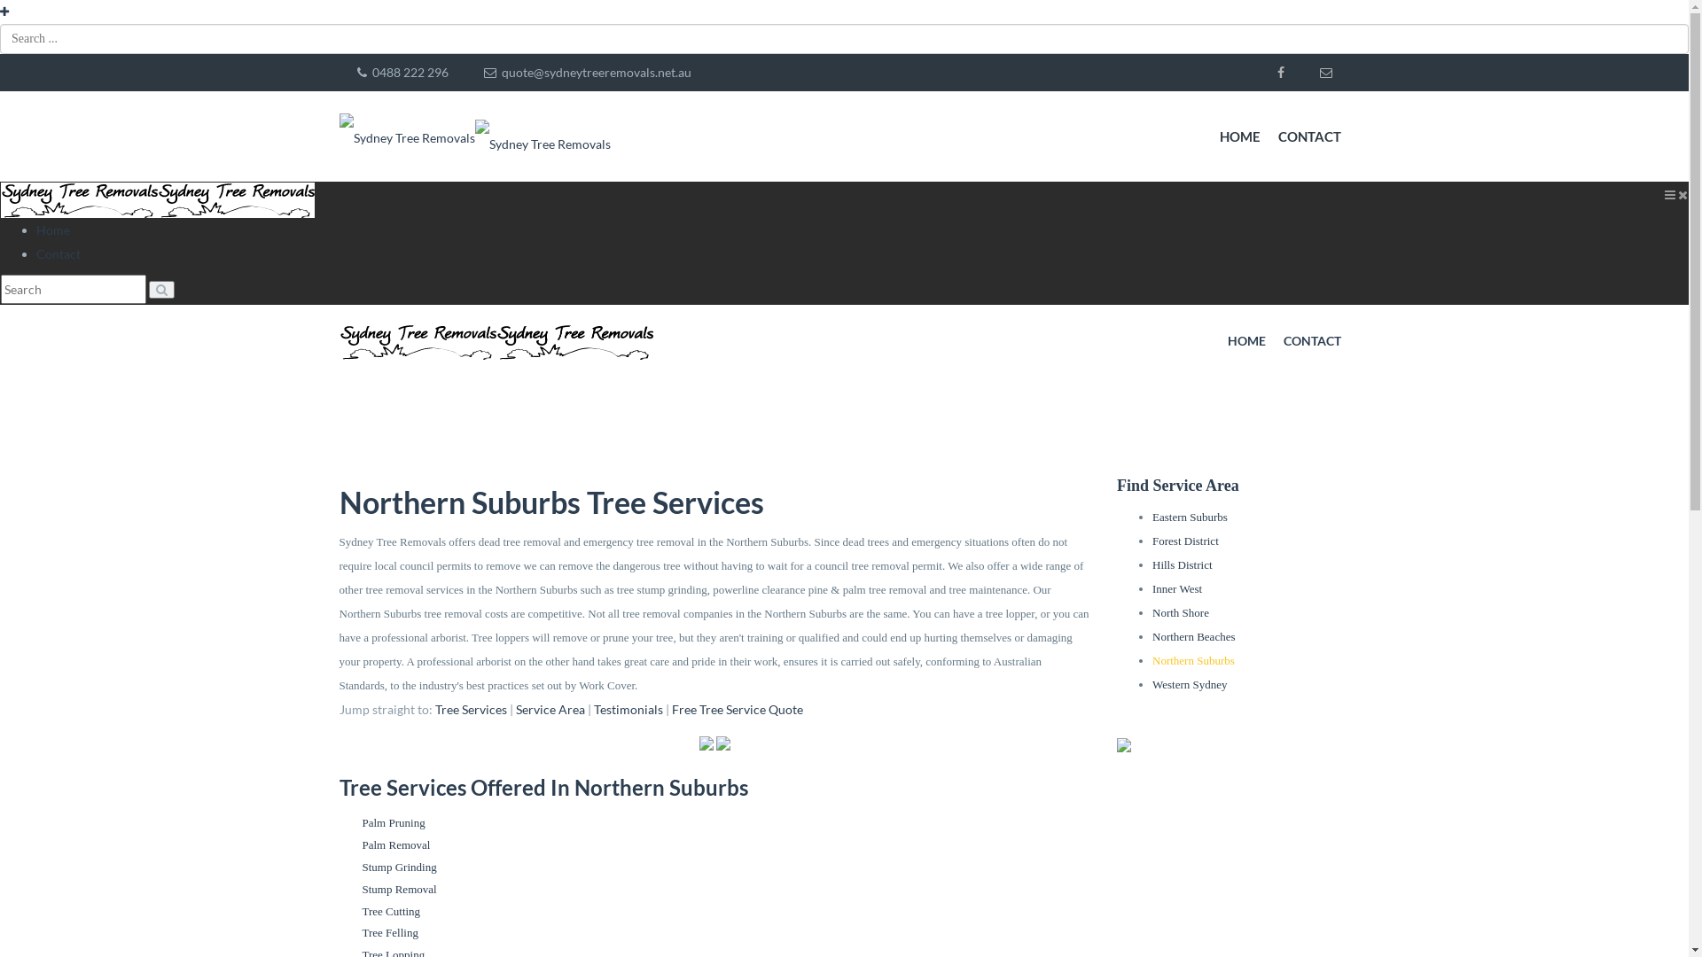 The image size is (1702, 957). Describe the element at coordinates (1193, 660) in the screenshot. I see `'Northern Suburbs'` at that location.